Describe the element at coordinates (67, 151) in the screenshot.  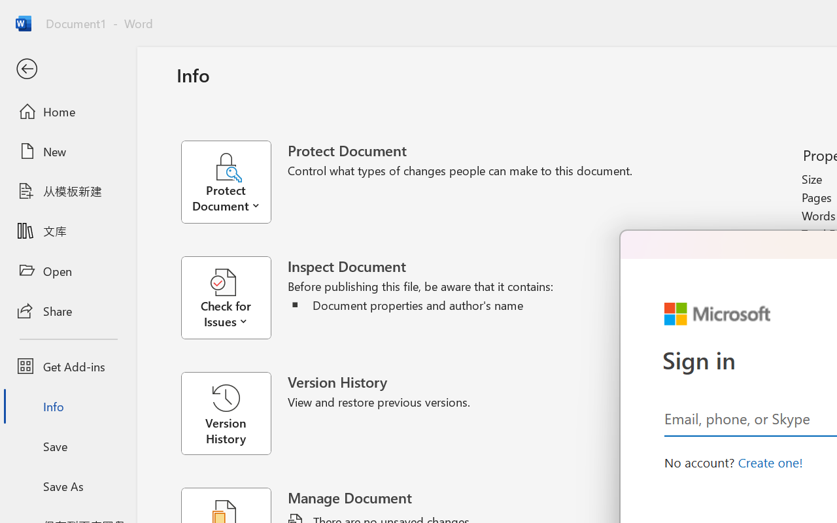
I see `'New'` at that location.